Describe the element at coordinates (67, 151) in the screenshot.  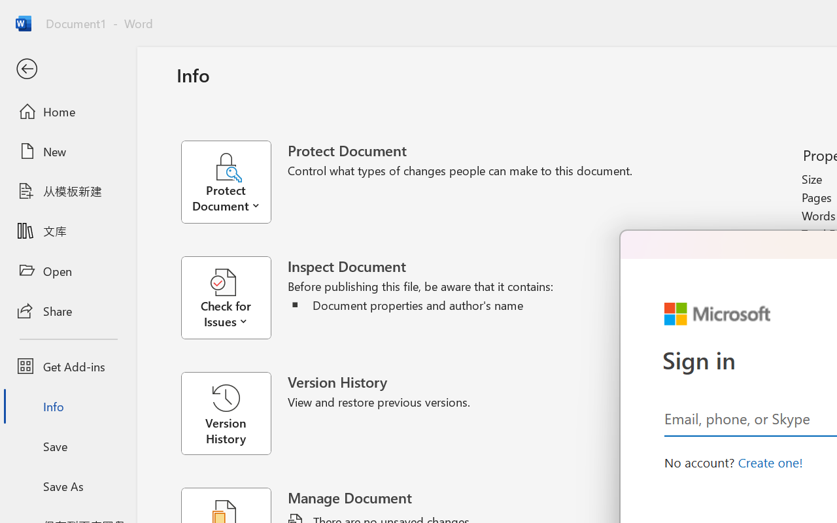
I see `'New'` at that location.